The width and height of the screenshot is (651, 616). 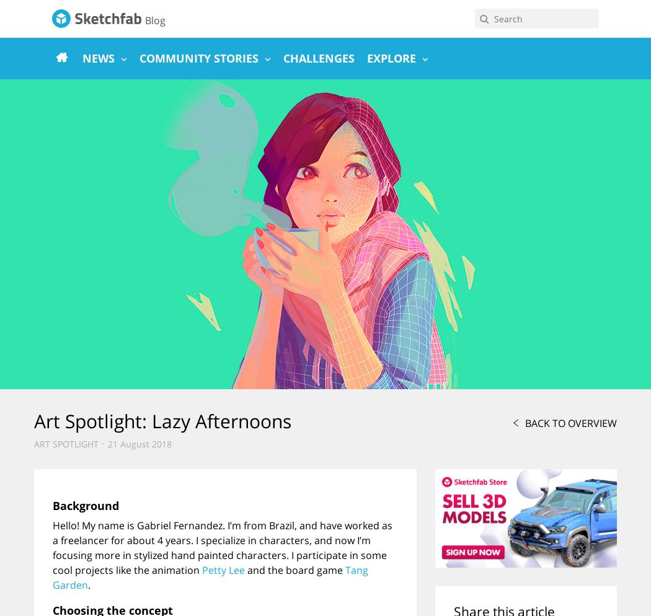 I want to click on 'Explore', so click(x=366, y=58).